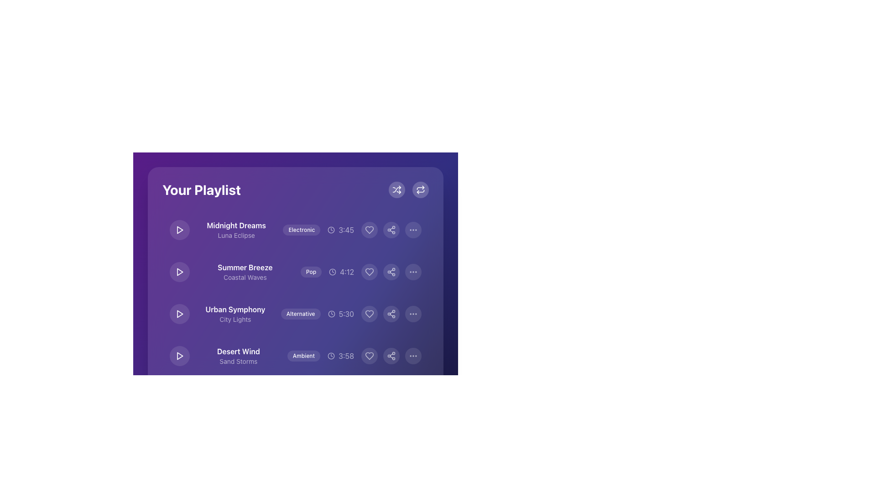 This screenshot has height=493, width=876. I want to click on the 'Luna Eclipse' text label, which is a smaller, dimmer font in light grayish-white color against a dark purple background, positioned below the 'Midnight Dreams' text, so click(236, 235).